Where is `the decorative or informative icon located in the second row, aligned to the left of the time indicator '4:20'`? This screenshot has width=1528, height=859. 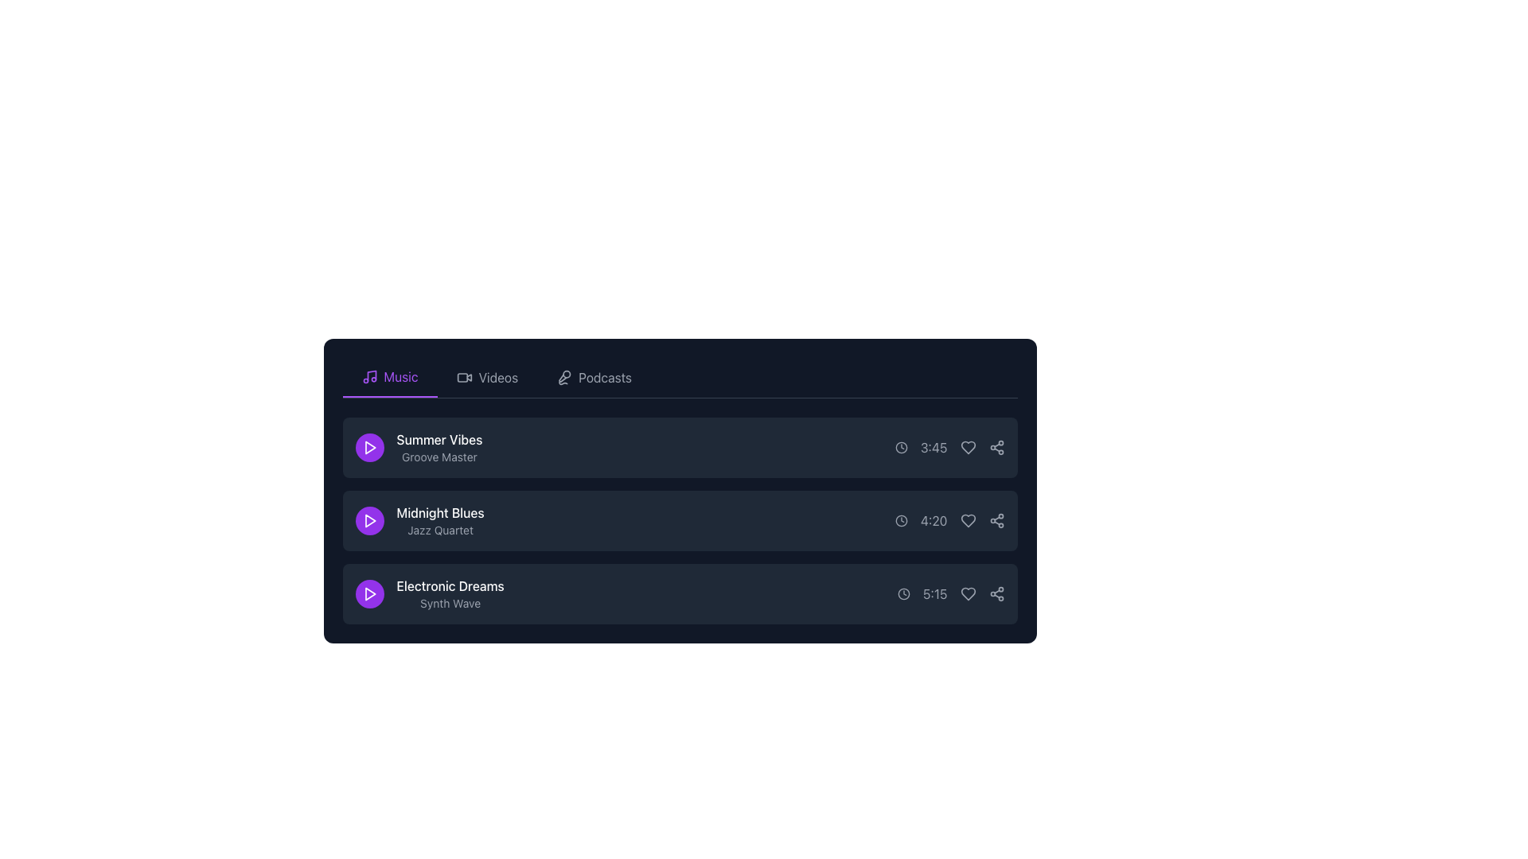 the decorative or informative icon located in the second row, aligned to the left of the time indicator '4:20' is located at coordinates (901, 521).